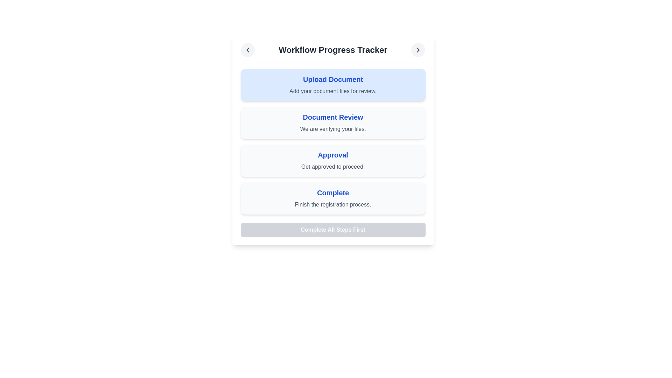 This screenshot has height=378, width=672. What do you see at coordinates (332, 205) in the screenshot?
I see `the Text Label that provides supporting instructions for the workflow step labeled 'Complete', positioned beneath the header text` at bounding box center [332, 205].